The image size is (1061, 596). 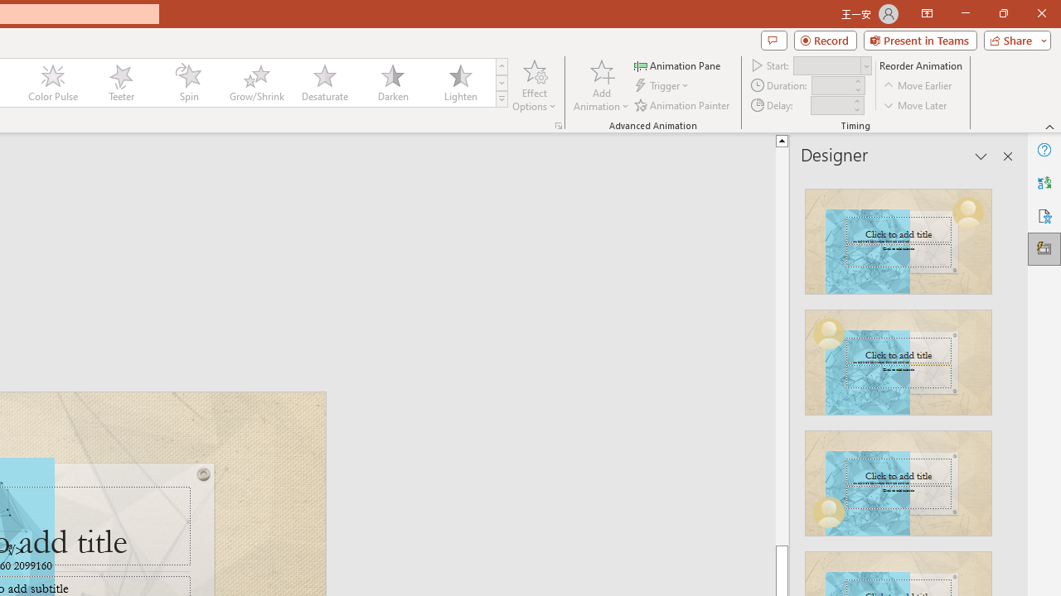 I want to click on 'Animation Delay', so click(x=831, y=105).